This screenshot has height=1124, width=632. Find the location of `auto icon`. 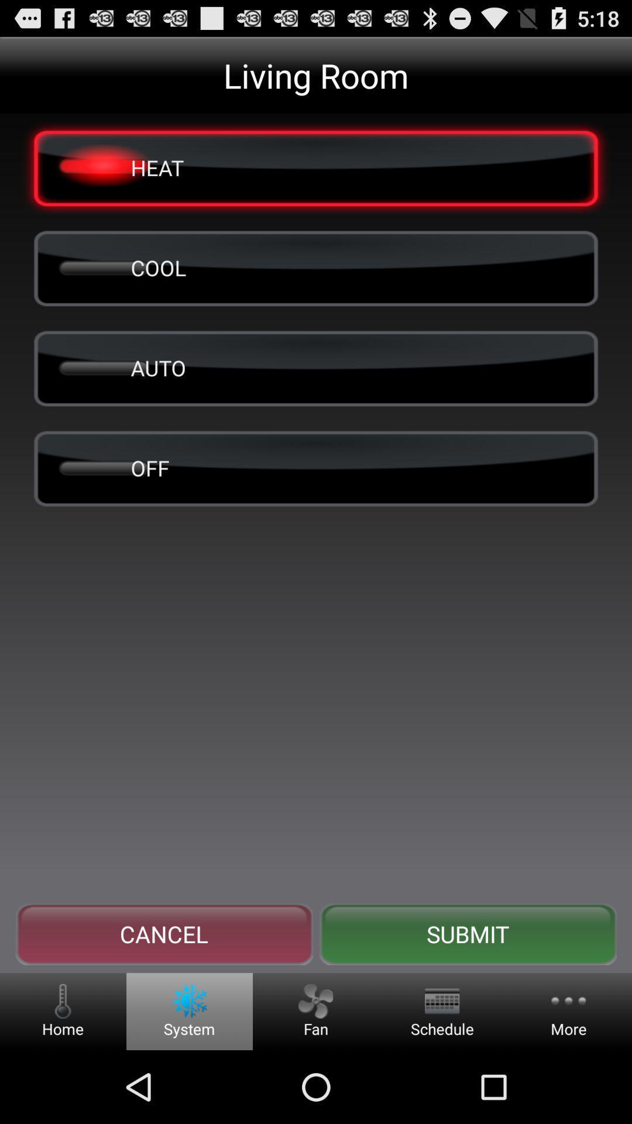

auto icon is located at coordinates (316, 367).